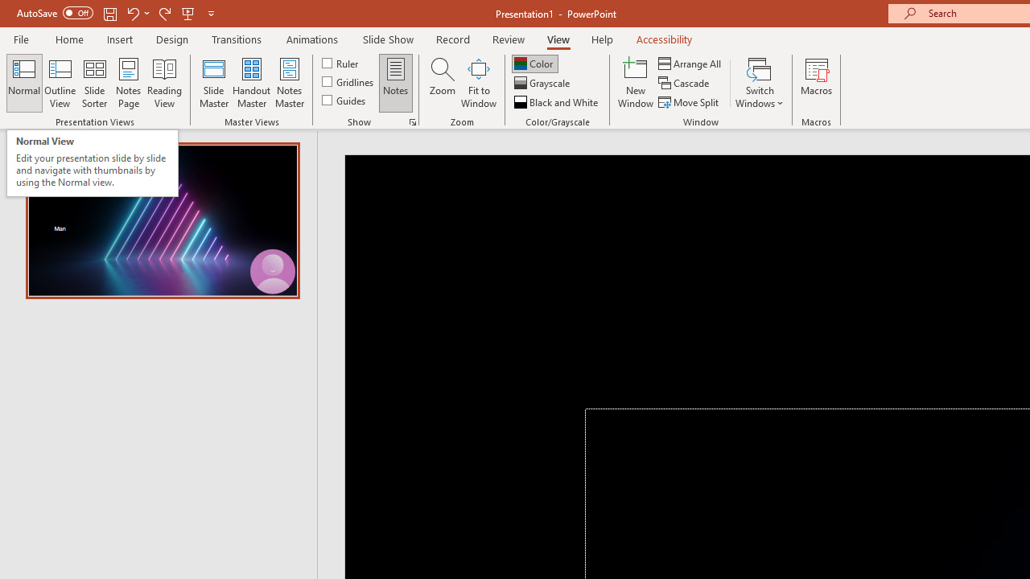  Describe the element at coordinates (250, 83) in the screenshot. I see `'Handout Master'` at that location.